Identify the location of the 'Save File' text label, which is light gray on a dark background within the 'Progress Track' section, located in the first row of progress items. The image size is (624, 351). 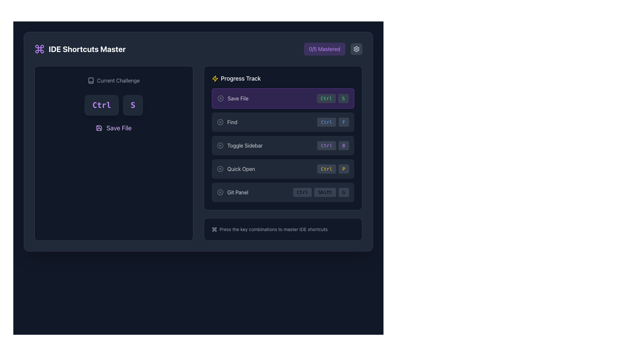
(238, 98).